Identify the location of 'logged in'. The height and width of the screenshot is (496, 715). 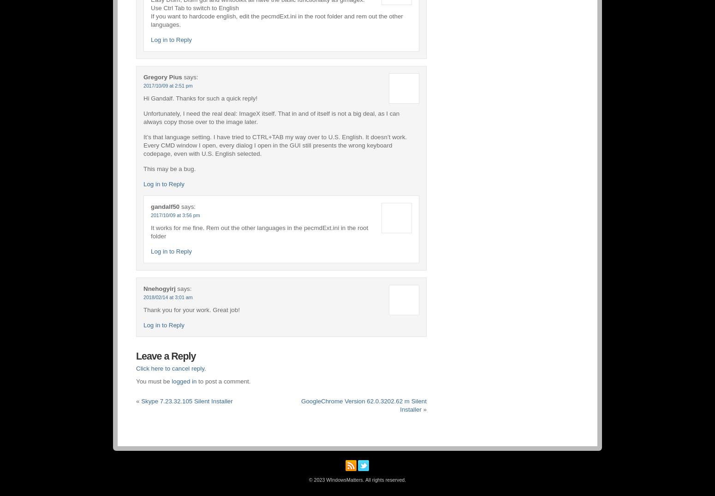
(184, 381).